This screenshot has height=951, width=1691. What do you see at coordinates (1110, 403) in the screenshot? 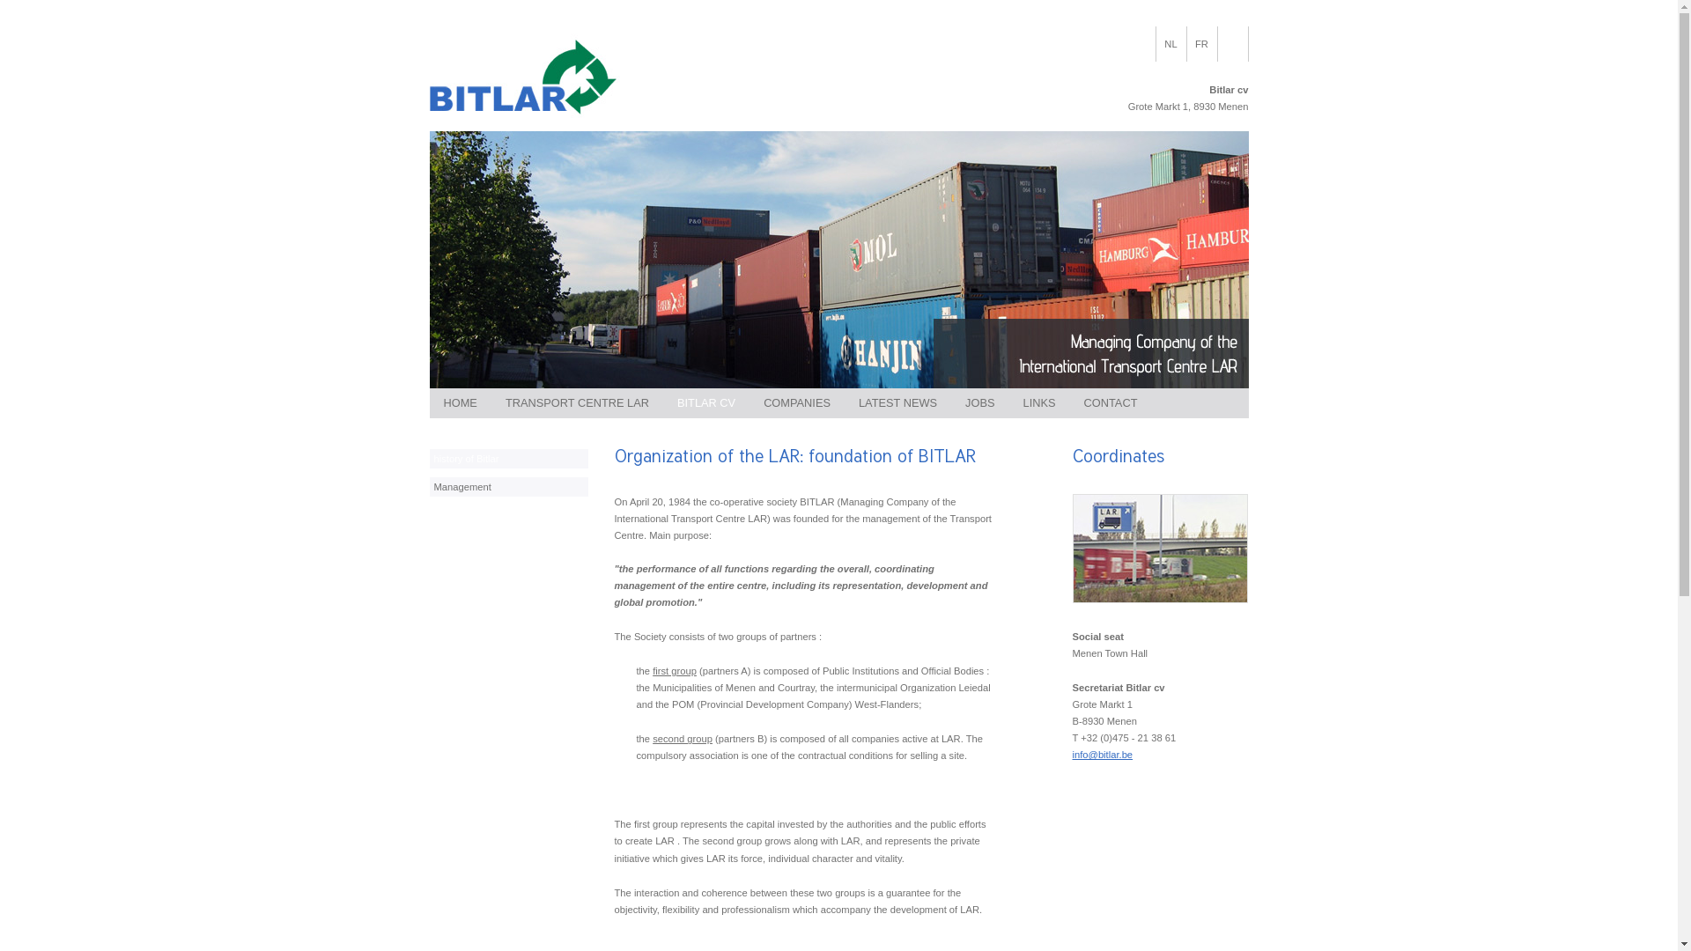
I see `'CONTACT'` at bounding box center [1110, 403].